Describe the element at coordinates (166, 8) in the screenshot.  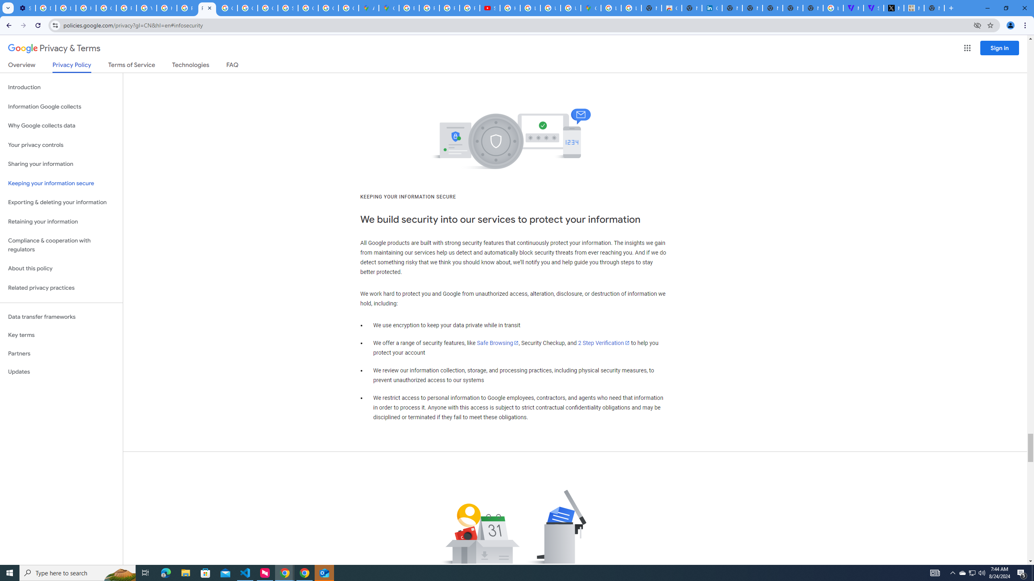
I see `'https://scholar.google.com/'` at that location.